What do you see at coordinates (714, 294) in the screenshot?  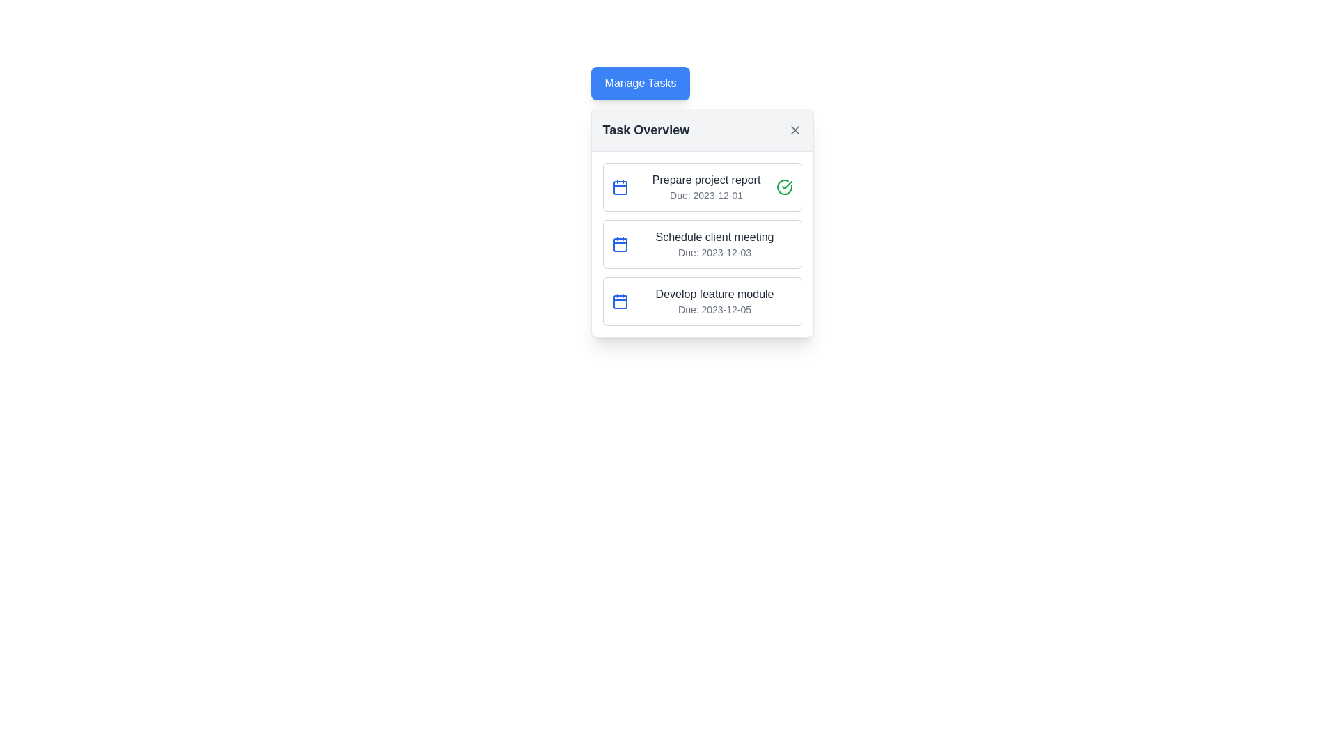 I see `the text element displaying 'Develop feature module' in bold, dark-gray font located in the 'Task Overview' section under the third task entry` at bounding box center [714, 294].